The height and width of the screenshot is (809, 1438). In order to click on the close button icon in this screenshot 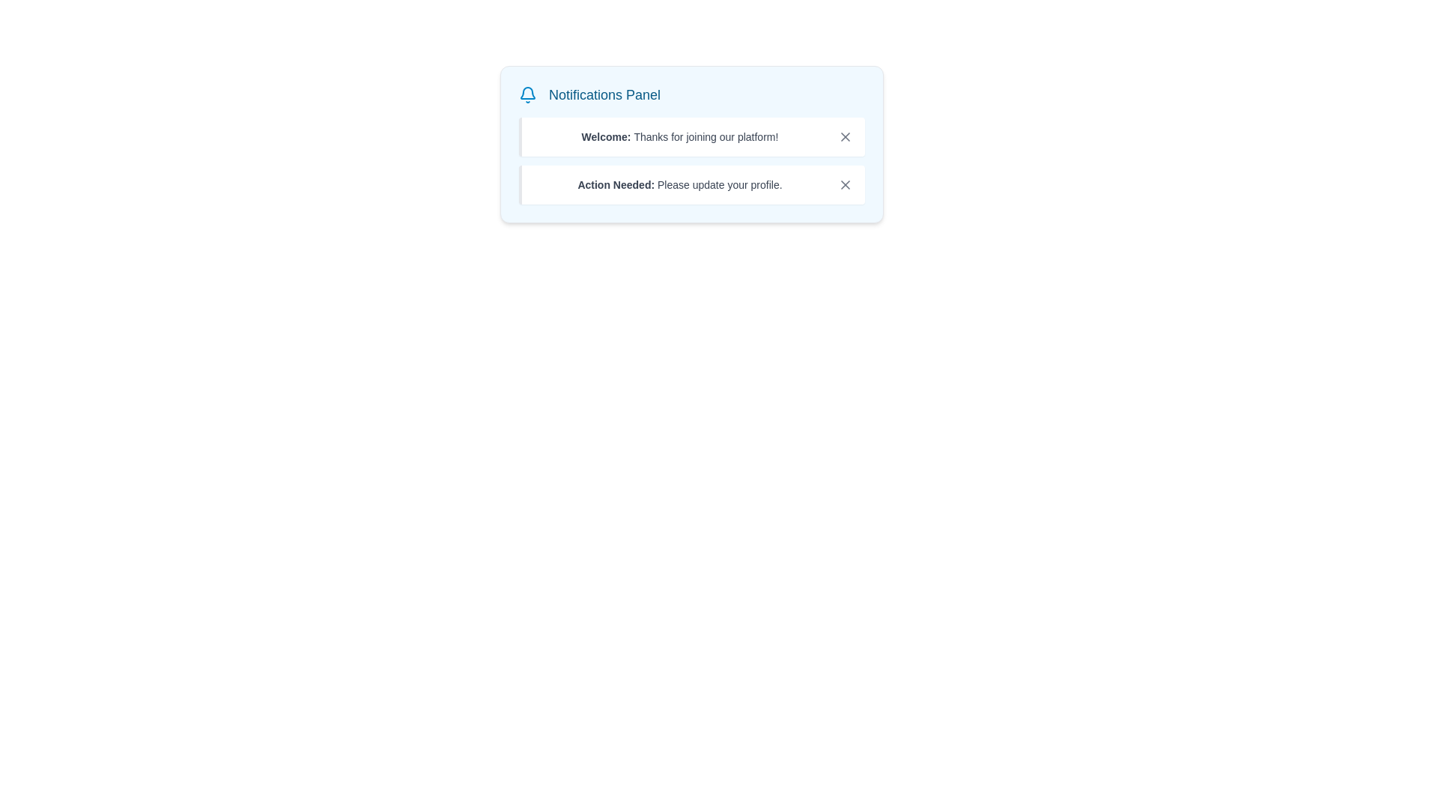, I will do `click(845, 136)`.